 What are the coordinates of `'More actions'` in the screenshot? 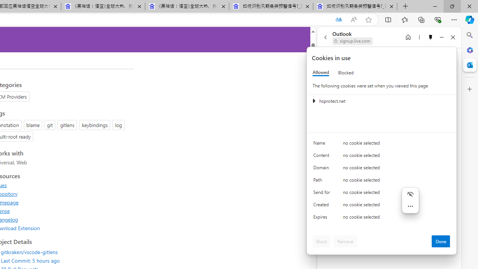 It's located at (410, 206).